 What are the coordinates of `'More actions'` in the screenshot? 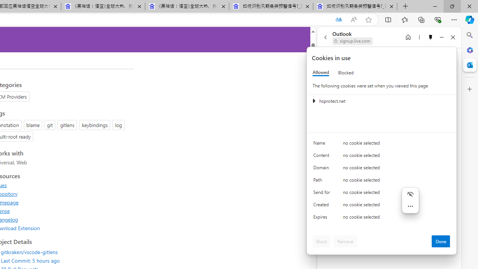 It's located at (410, 206).